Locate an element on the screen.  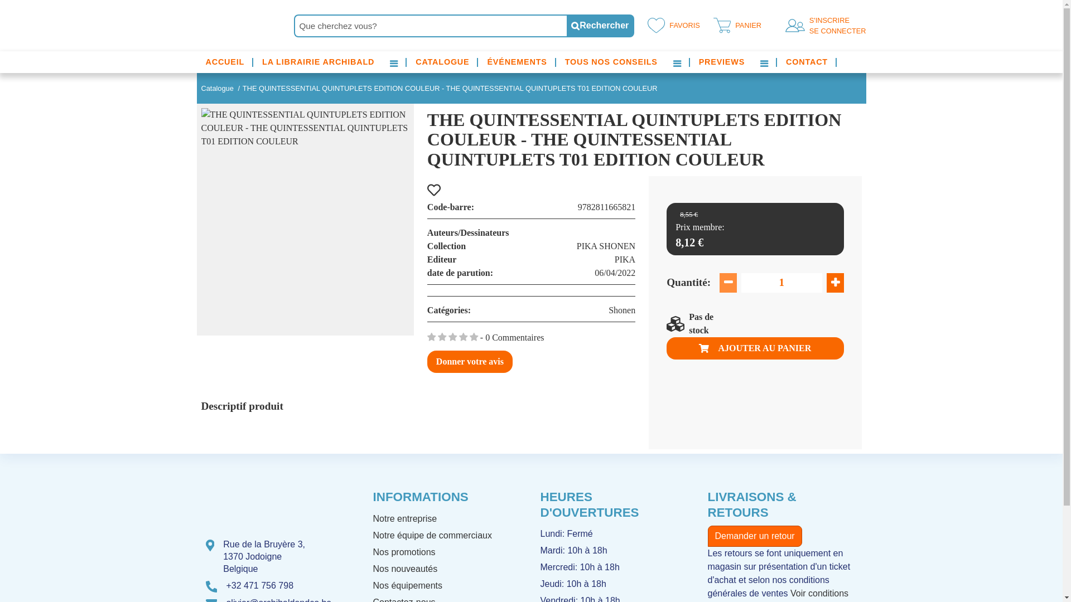
'CATALOGUE' is located at coordinates (441, 62).